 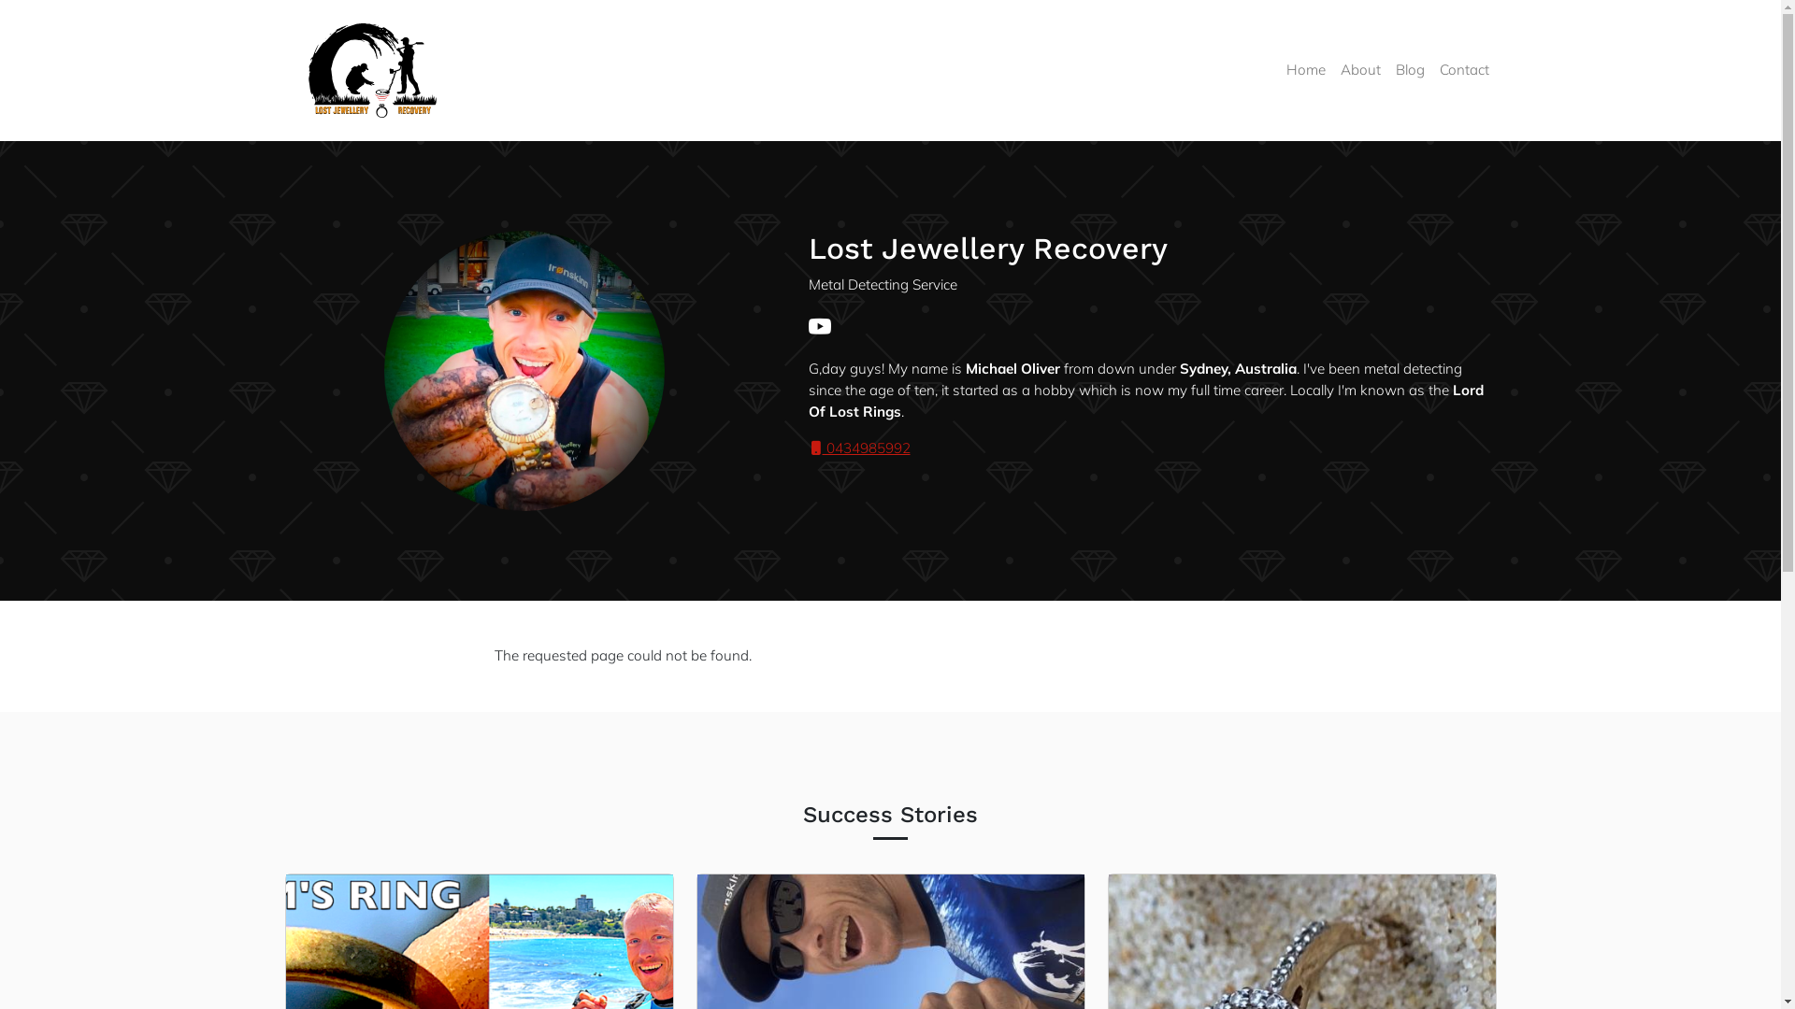 What do you see at coordinates (379, 69) in the screenshot?
I see `'Home'` at bounding box center [379, 69].